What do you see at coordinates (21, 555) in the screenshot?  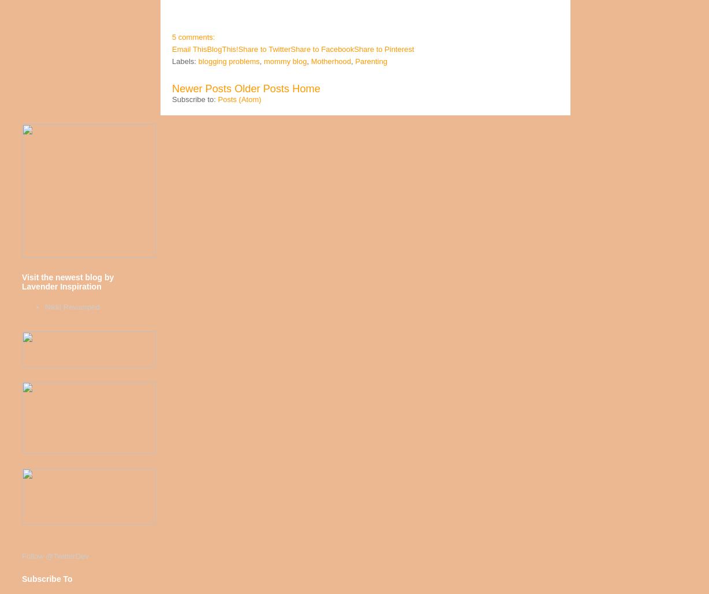 I see `'Follow @TwitterDev'` at bounding box center [21, 555].